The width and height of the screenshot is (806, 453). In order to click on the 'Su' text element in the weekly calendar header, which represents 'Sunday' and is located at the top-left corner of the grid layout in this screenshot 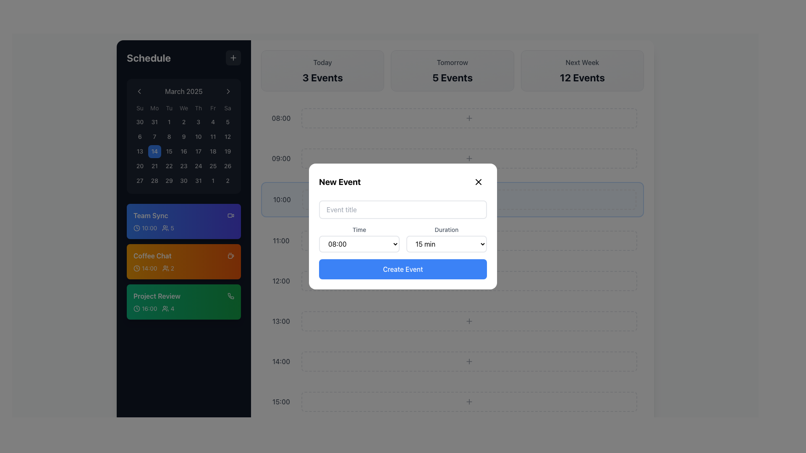, I will do `click(140, 108)`.